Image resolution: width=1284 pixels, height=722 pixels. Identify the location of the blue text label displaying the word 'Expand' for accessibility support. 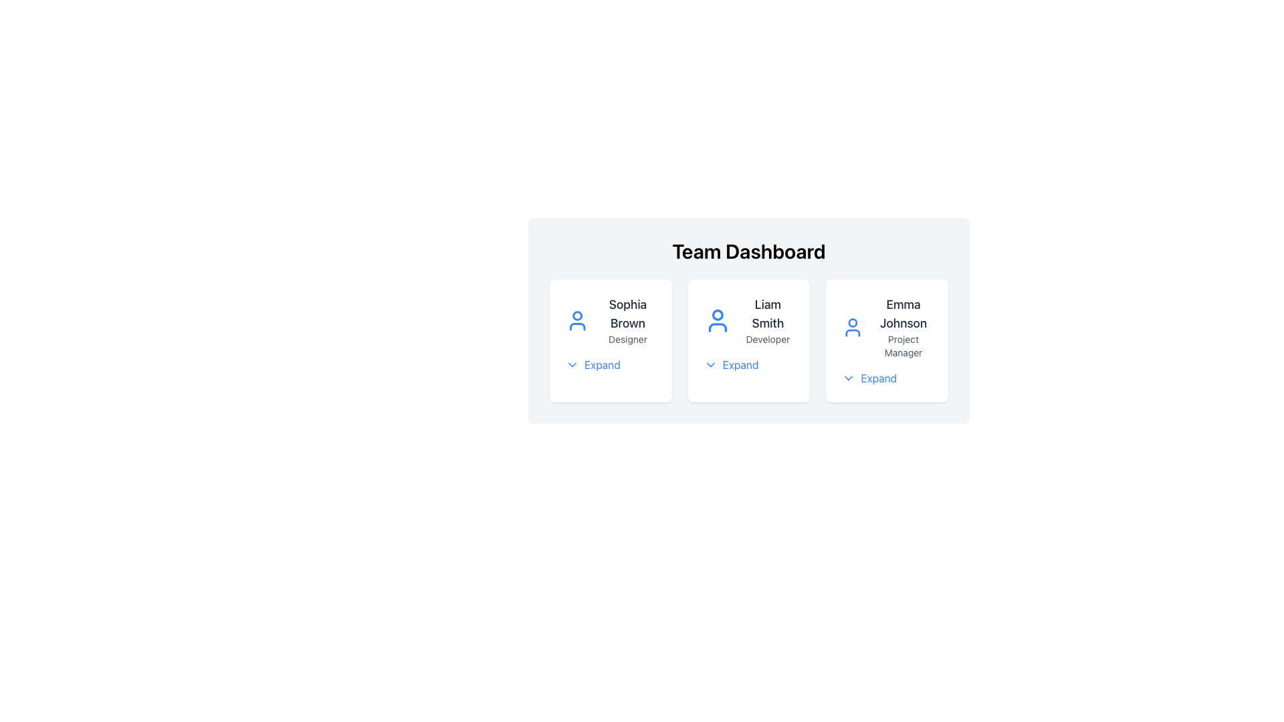
(879, 378).